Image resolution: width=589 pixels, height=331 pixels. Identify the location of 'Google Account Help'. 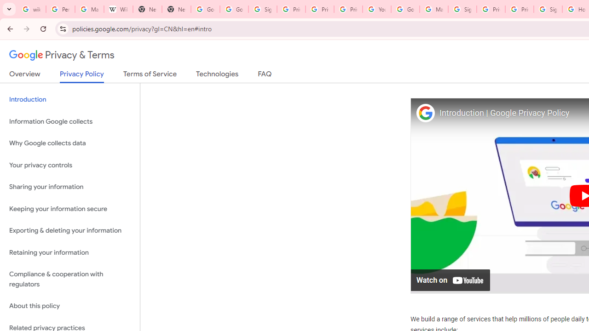
(405, 9).